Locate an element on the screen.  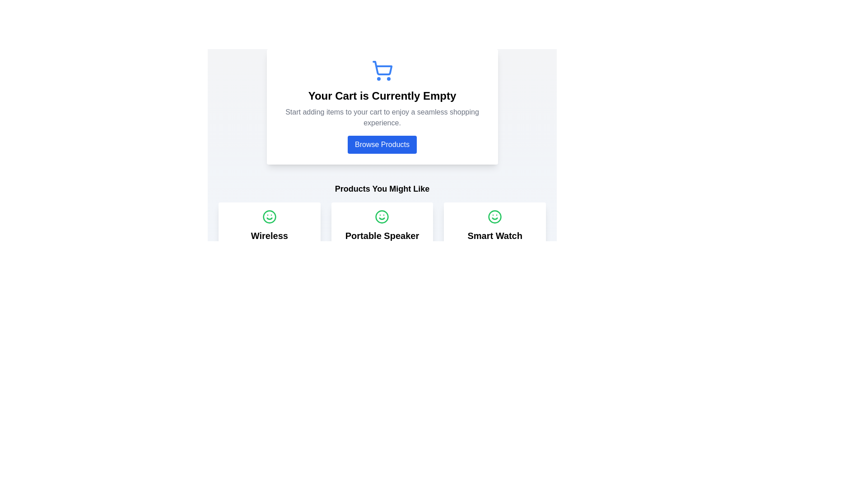
the smiley face icon styled with green color located at the top-center part of the 'Smart Watch' card is located at coordinates (494, 217).